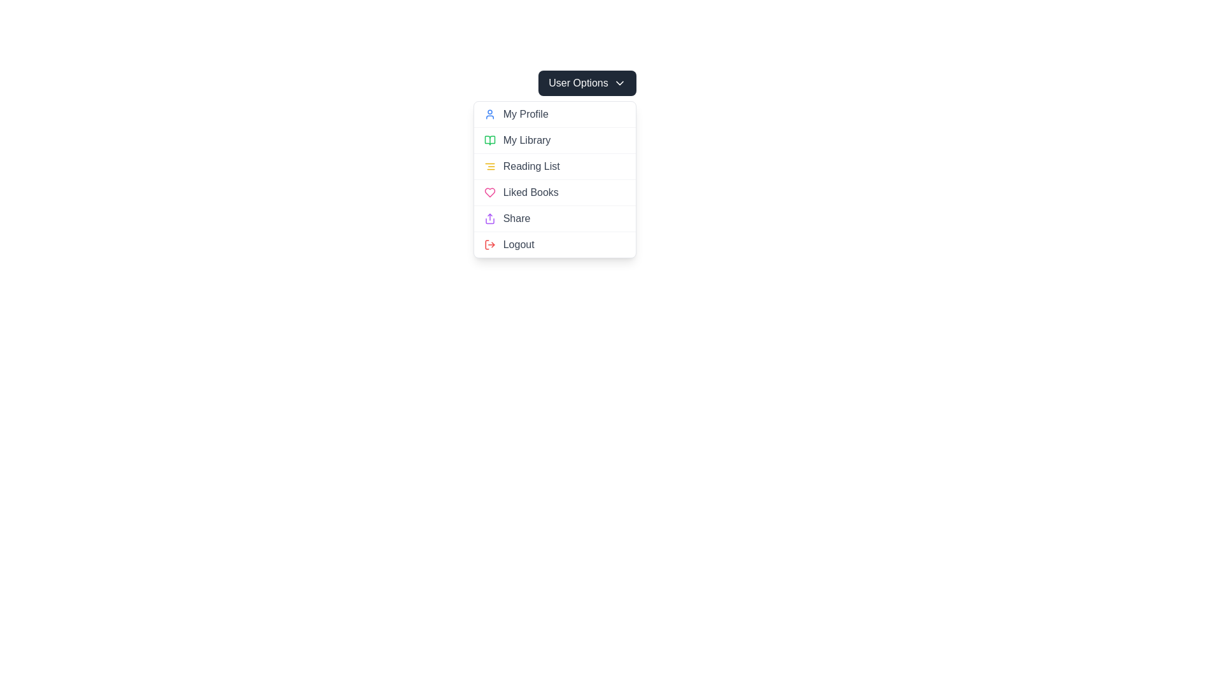 The width and height of the screenshot is (1222, 687). What do you see at coordinates (586, 83) in the screenshot?
I see `the 'User Options' button, which is a rectangular button with a dark background and white text, located at the top center of the drop-down menu system` at bounding box center [586, 83].